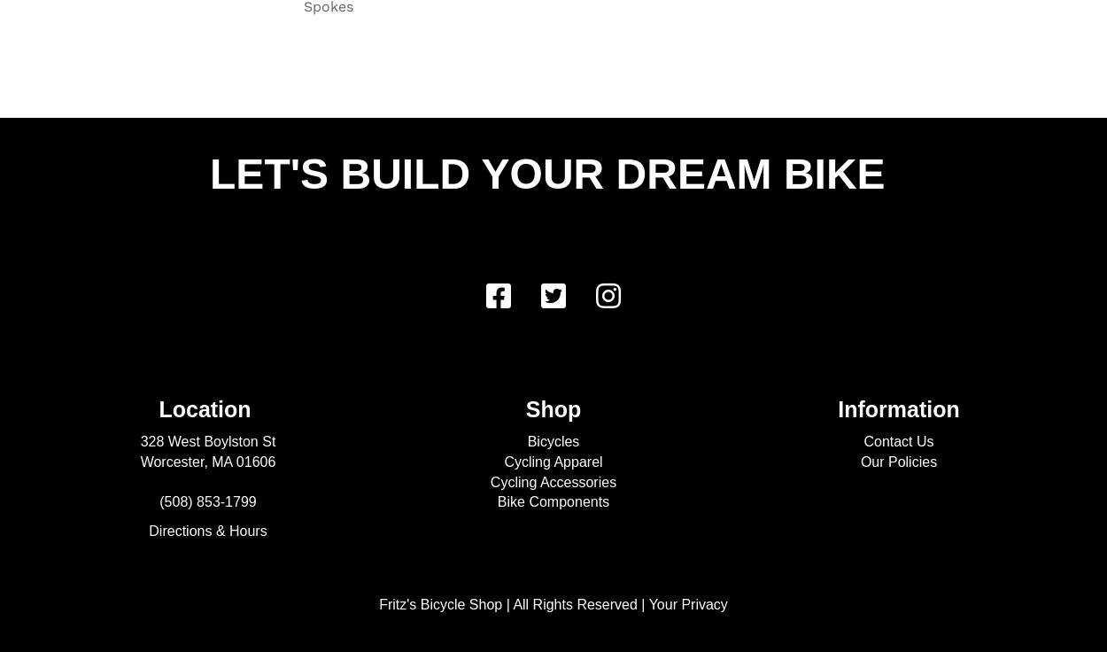  Describe the element at coordinates (552, 501) in the screenshot. I see `'Bike Components'` at that location.